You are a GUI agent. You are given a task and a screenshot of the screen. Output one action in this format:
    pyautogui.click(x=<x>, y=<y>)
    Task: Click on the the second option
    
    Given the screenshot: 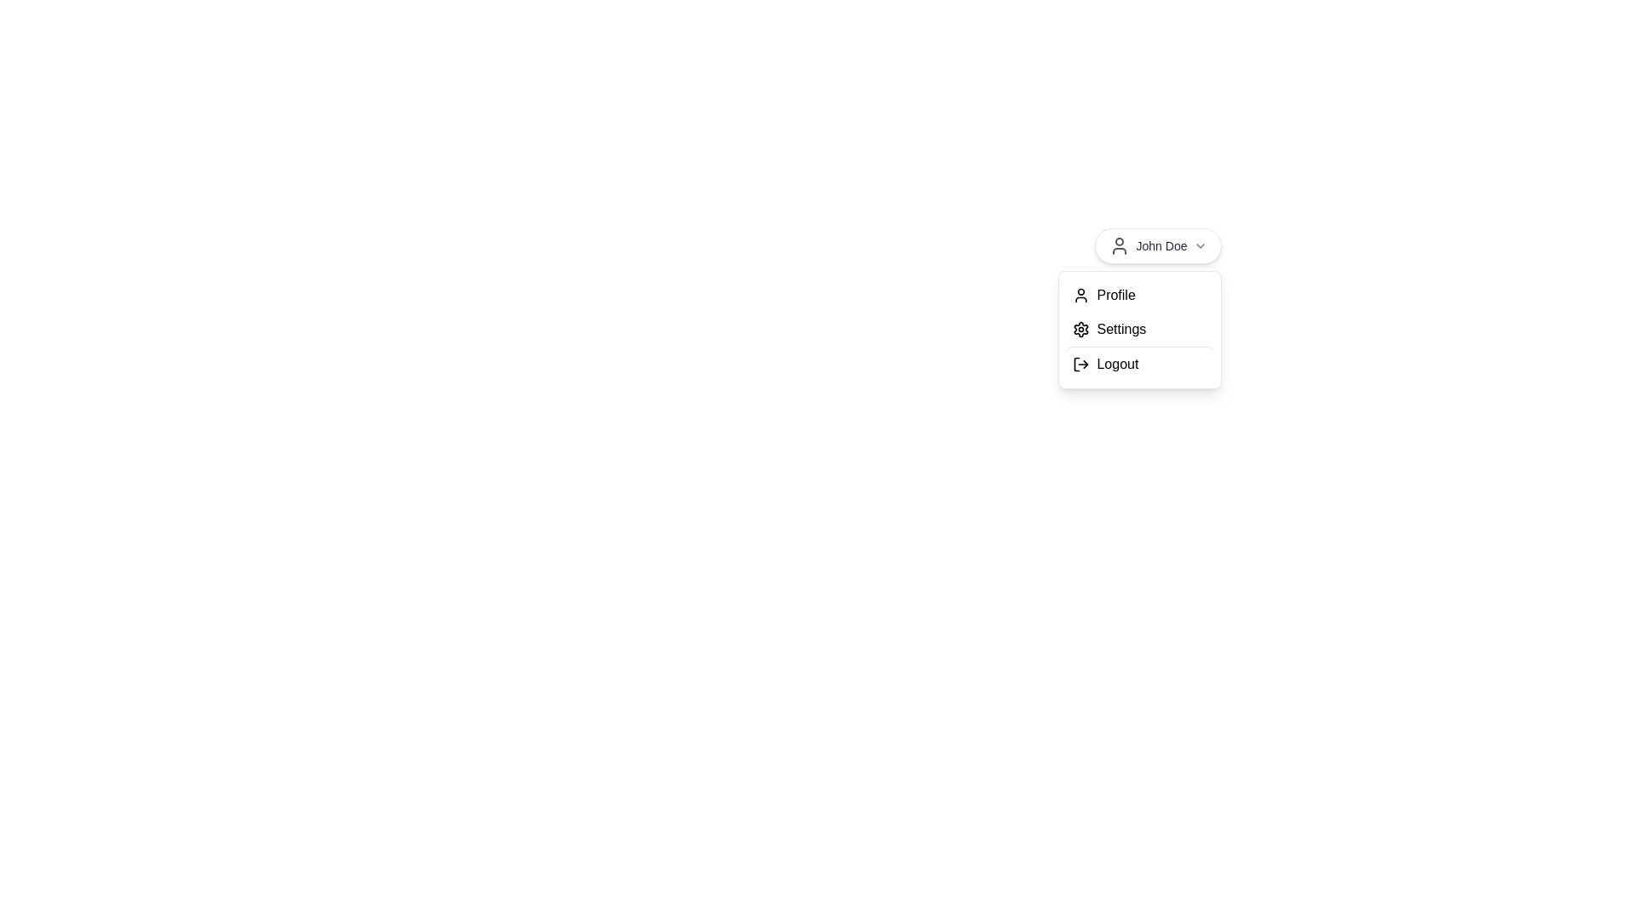 What is the action you would take?
    pyautogui.click(x=1140, y=330)
    